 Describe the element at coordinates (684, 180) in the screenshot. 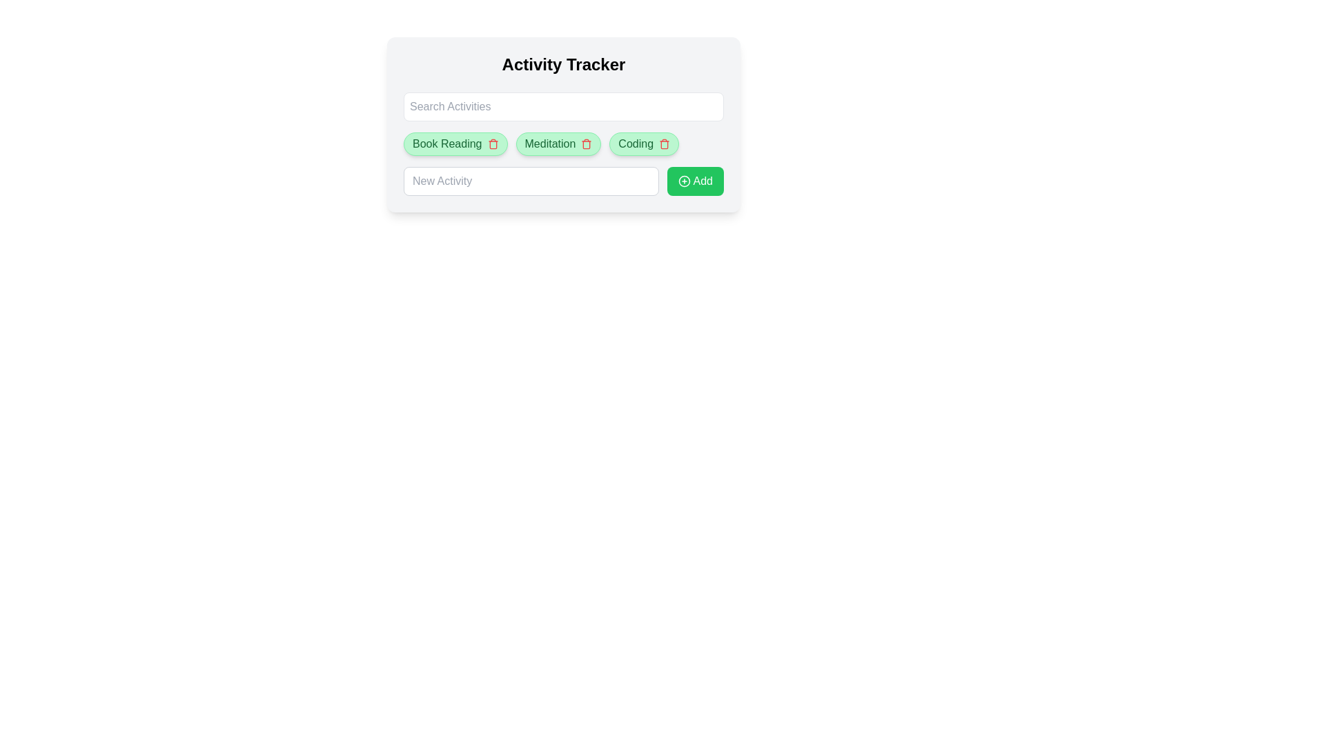

I see `the icon positioned to the left side inside the 'Add' button at the bottom-right corner of the Activity Tracker panel` at that location.